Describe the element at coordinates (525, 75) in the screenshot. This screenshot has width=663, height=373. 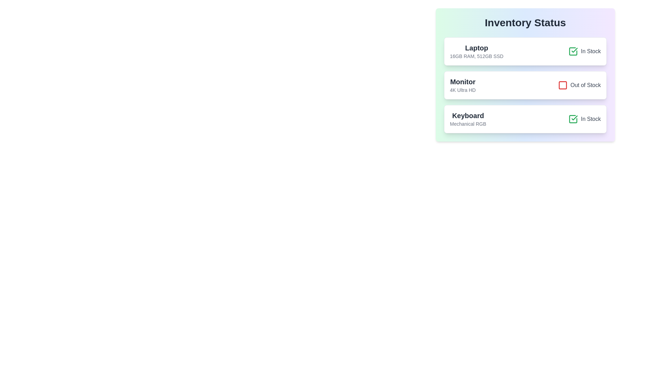
I see `the Inventory Card displaying the details of the item 'Monitor', which is the second card in a vertical list of inventory items located at the top center of the application's viewport` at that location.